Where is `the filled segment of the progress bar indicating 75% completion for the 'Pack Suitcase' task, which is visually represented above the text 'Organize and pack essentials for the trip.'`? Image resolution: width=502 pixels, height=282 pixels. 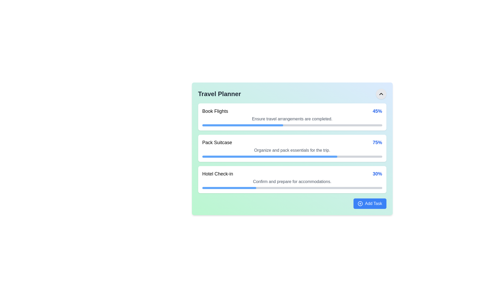 the filled segment of the progress bar indicating 75% completion for the 'Pack Suitcase' task, which is visually represented above the text 'Organize and pack essentials for the trip.' is located at coordinates (270, 156).